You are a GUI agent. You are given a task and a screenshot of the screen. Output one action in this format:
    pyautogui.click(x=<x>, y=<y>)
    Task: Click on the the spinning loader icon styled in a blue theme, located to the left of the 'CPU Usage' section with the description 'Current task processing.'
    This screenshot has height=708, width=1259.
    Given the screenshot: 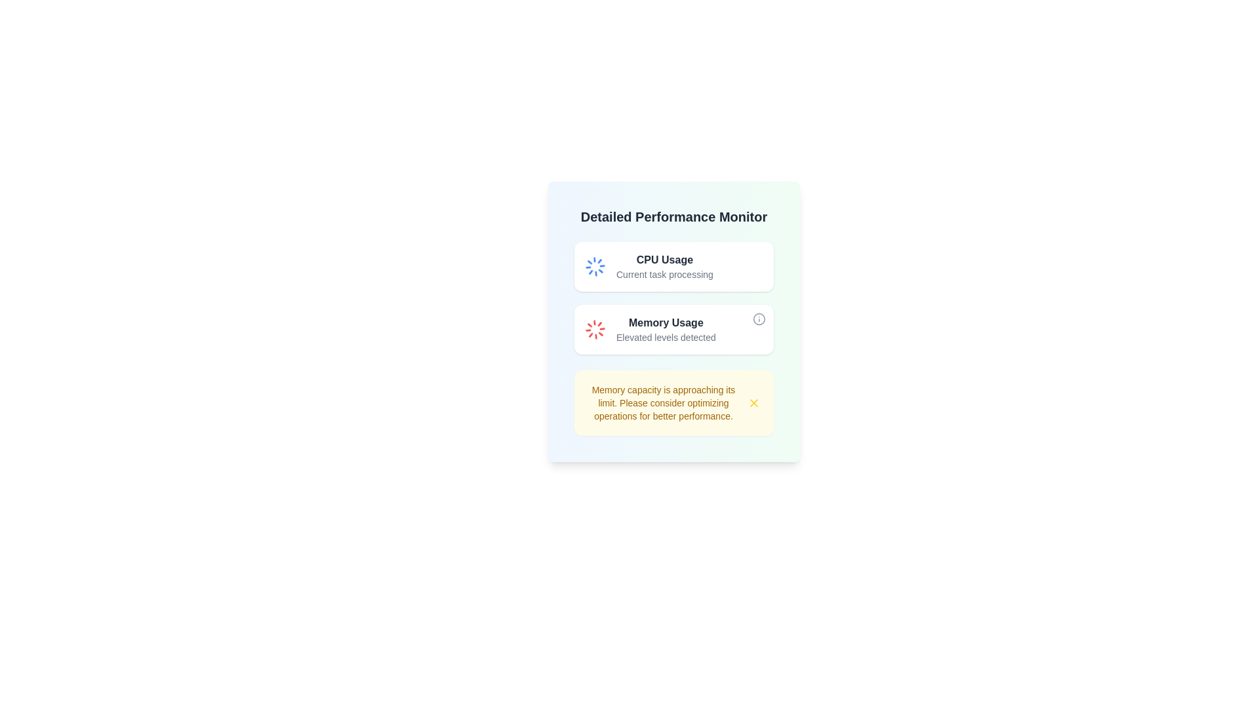 What is the action you would take?
    pyautogui.click(x=594, y=266)
    